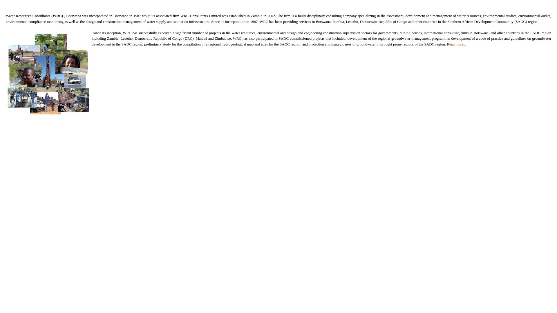  What do you see at coordinates (456, 43) in the screenshot?
I see `'Read more...'` at bounding box center [456, 43].